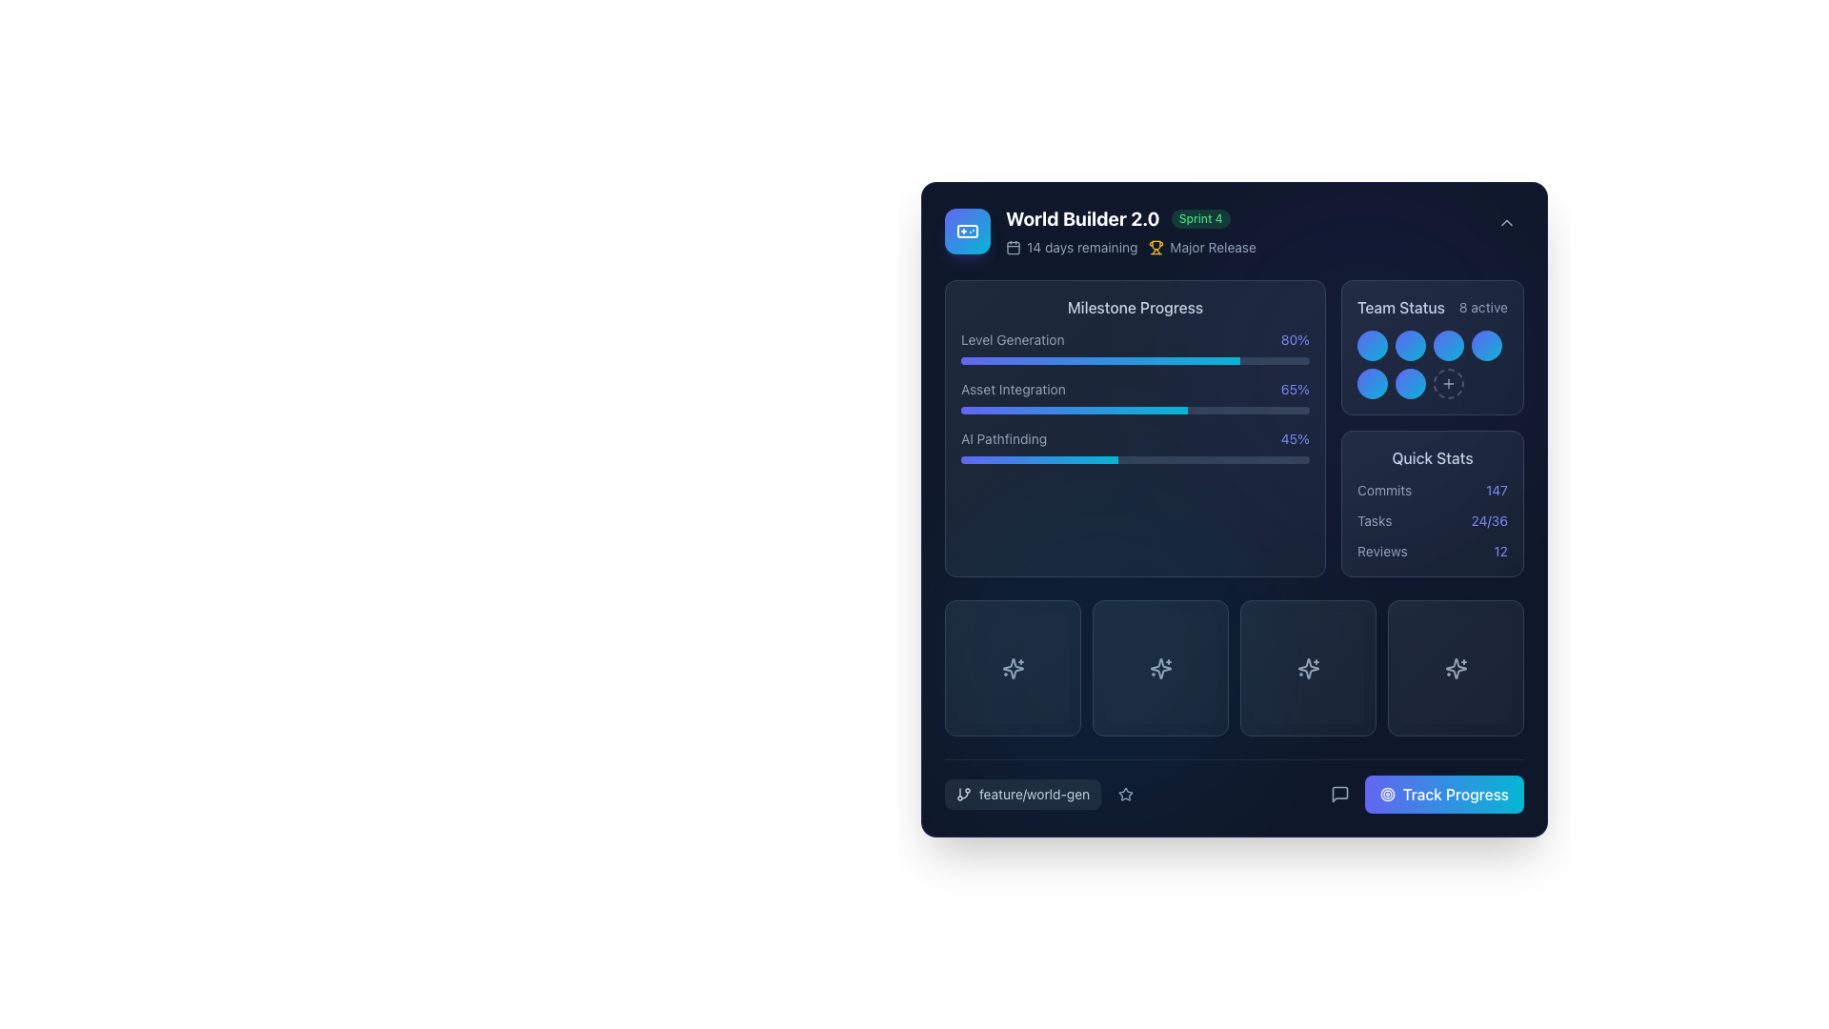 This screenshot has height=1029, width=1829. What do you see at coordinates (1387, 794) in the screenshot?
I see `the decorative circular icon located to the left of the 'Track Progress' button at the bottom-right corner of the interface` at bounding box center [1387, 794].